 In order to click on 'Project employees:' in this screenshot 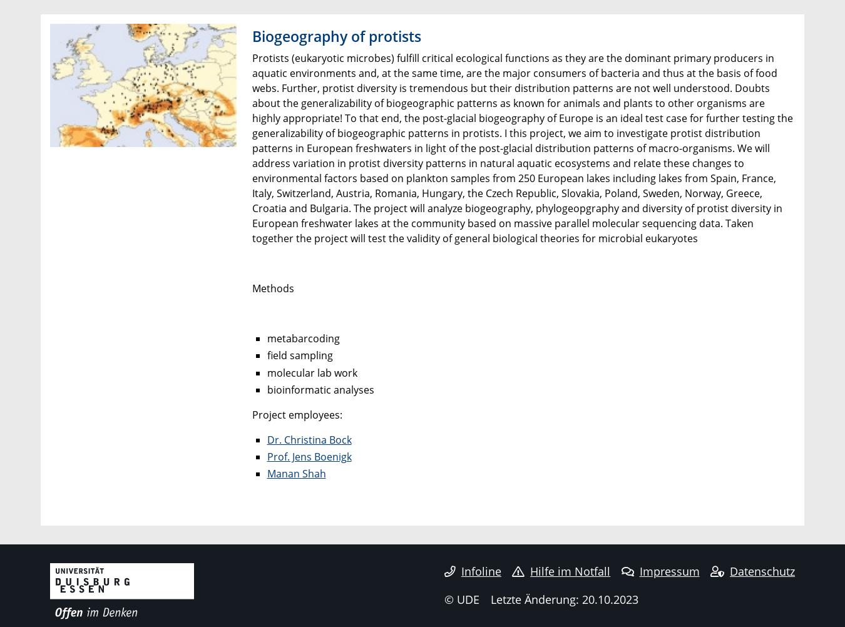, I will do `click(252, 414)`.